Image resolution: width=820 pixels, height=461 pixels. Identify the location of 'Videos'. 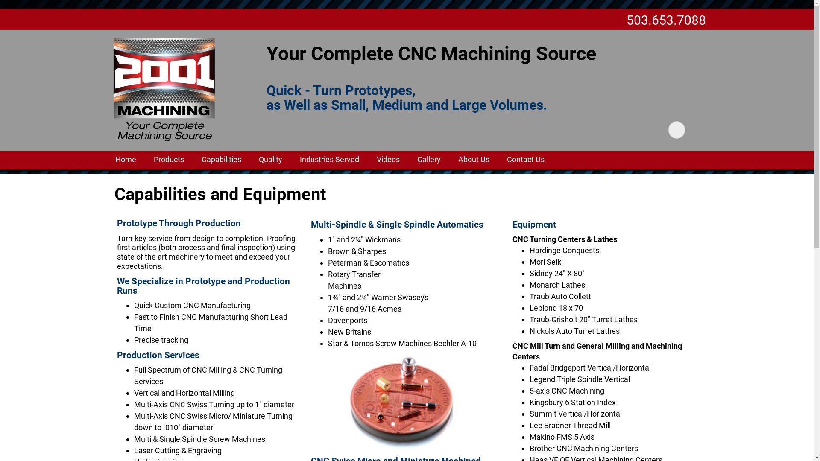
(387, 160).